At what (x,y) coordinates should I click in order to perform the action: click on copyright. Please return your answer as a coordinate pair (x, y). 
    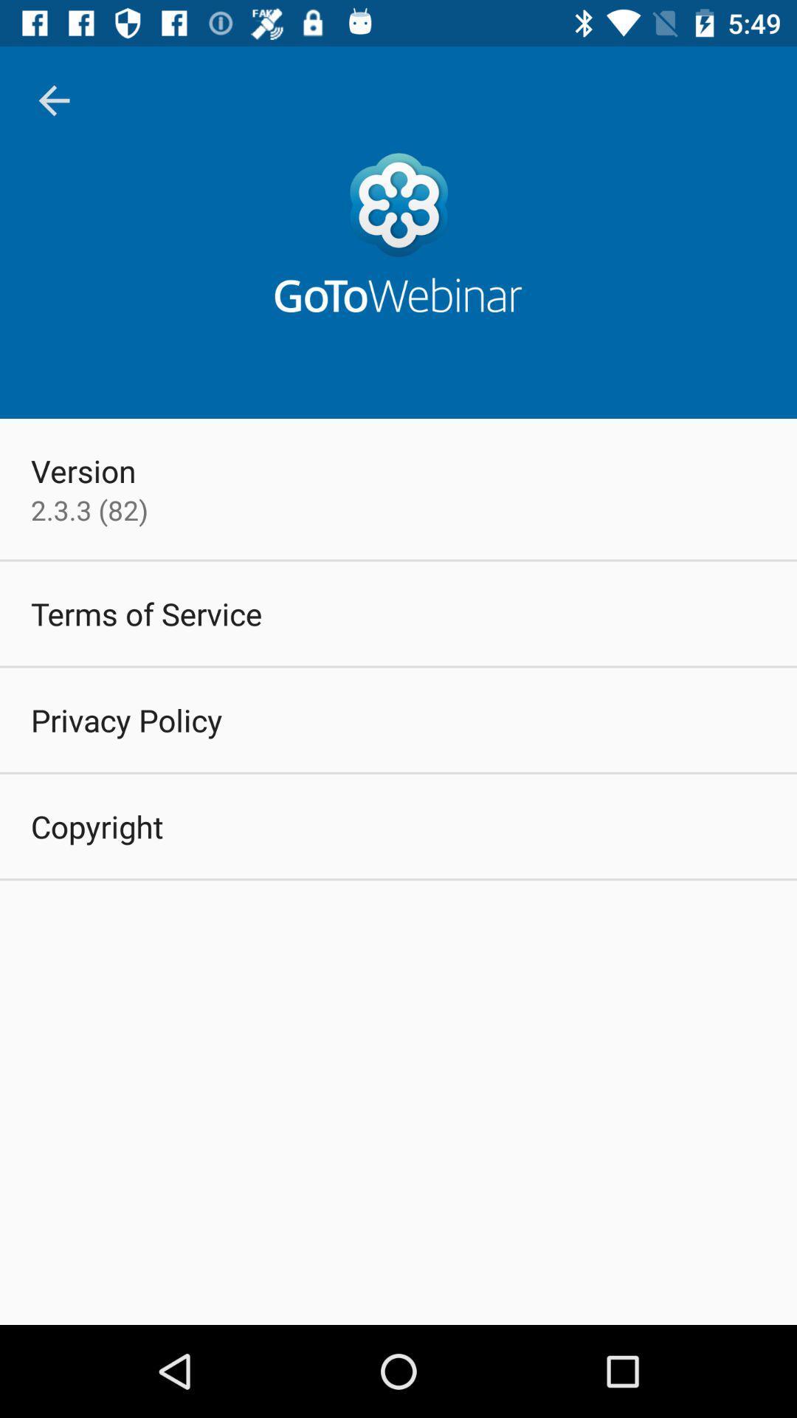
    Looking at the image, I should click on (97, 825).